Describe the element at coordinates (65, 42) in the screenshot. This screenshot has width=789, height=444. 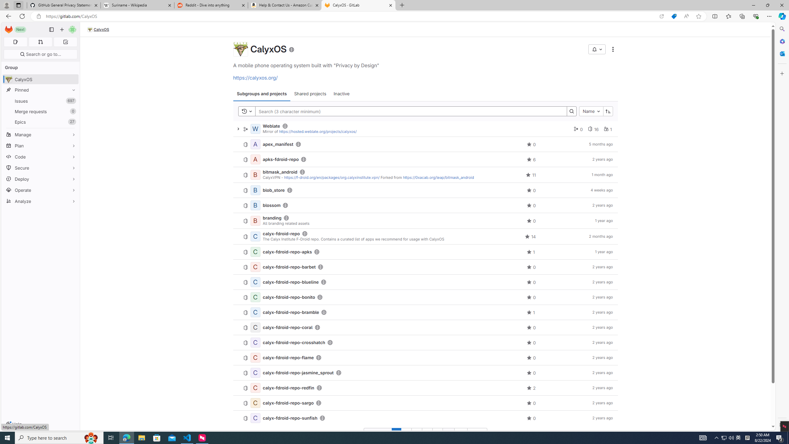
I see `'To-Do list 0'` at that location.